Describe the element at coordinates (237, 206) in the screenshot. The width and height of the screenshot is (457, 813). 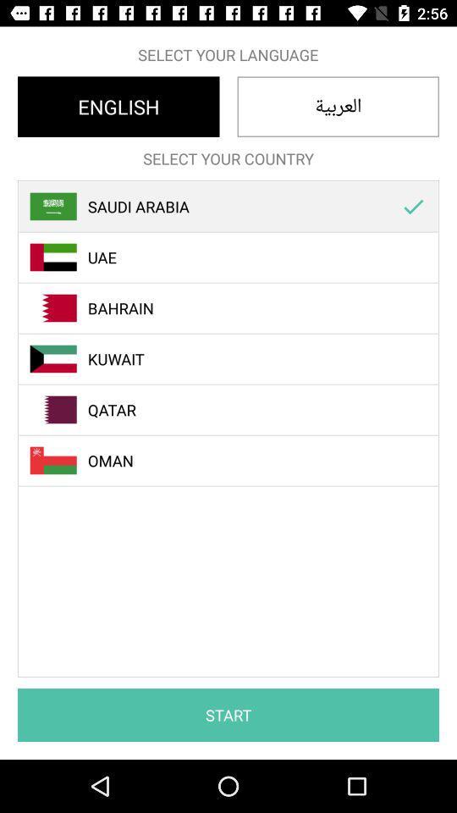
I see `saudi arabia` at that location.